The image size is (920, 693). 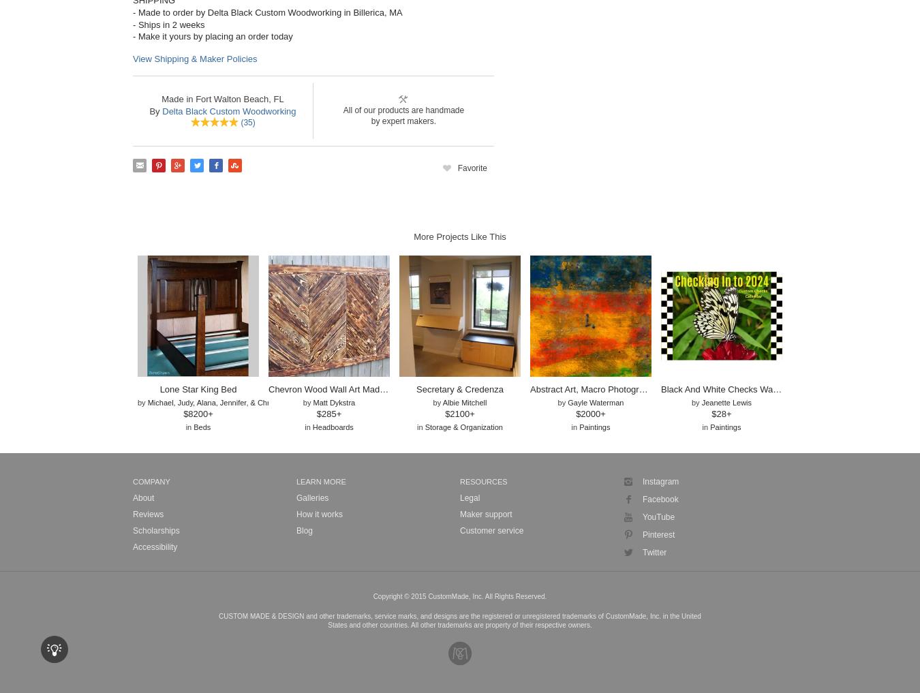 I want to click on 'Headboards', so click(x=332, y=426).